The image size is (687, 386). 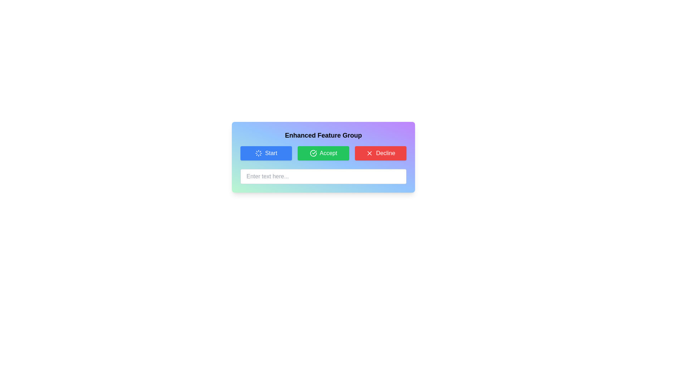 I want to click on the SVG loader icon located within the 'Start' button, which is styled in blue and precedes the text 'Start', so click(x=258, y=153).